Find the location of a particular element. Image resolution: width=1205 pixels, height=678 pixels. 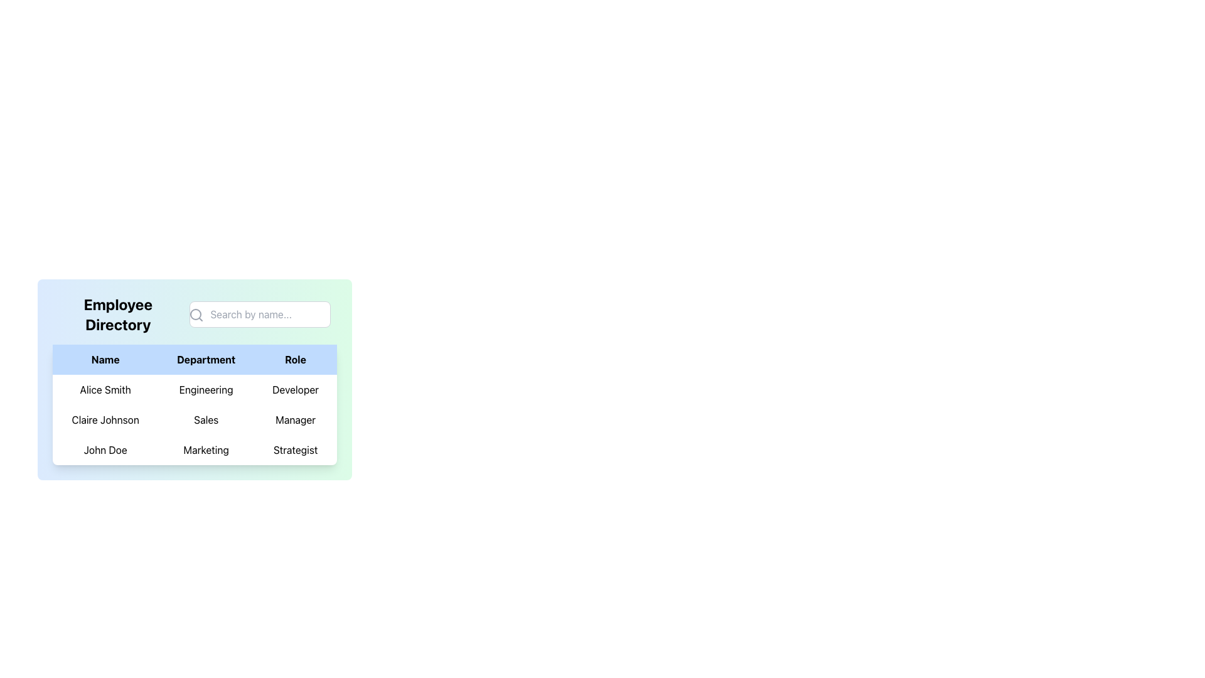

the table cell containing the name 'Claire Johnson' is located at coordinates (105, 419).